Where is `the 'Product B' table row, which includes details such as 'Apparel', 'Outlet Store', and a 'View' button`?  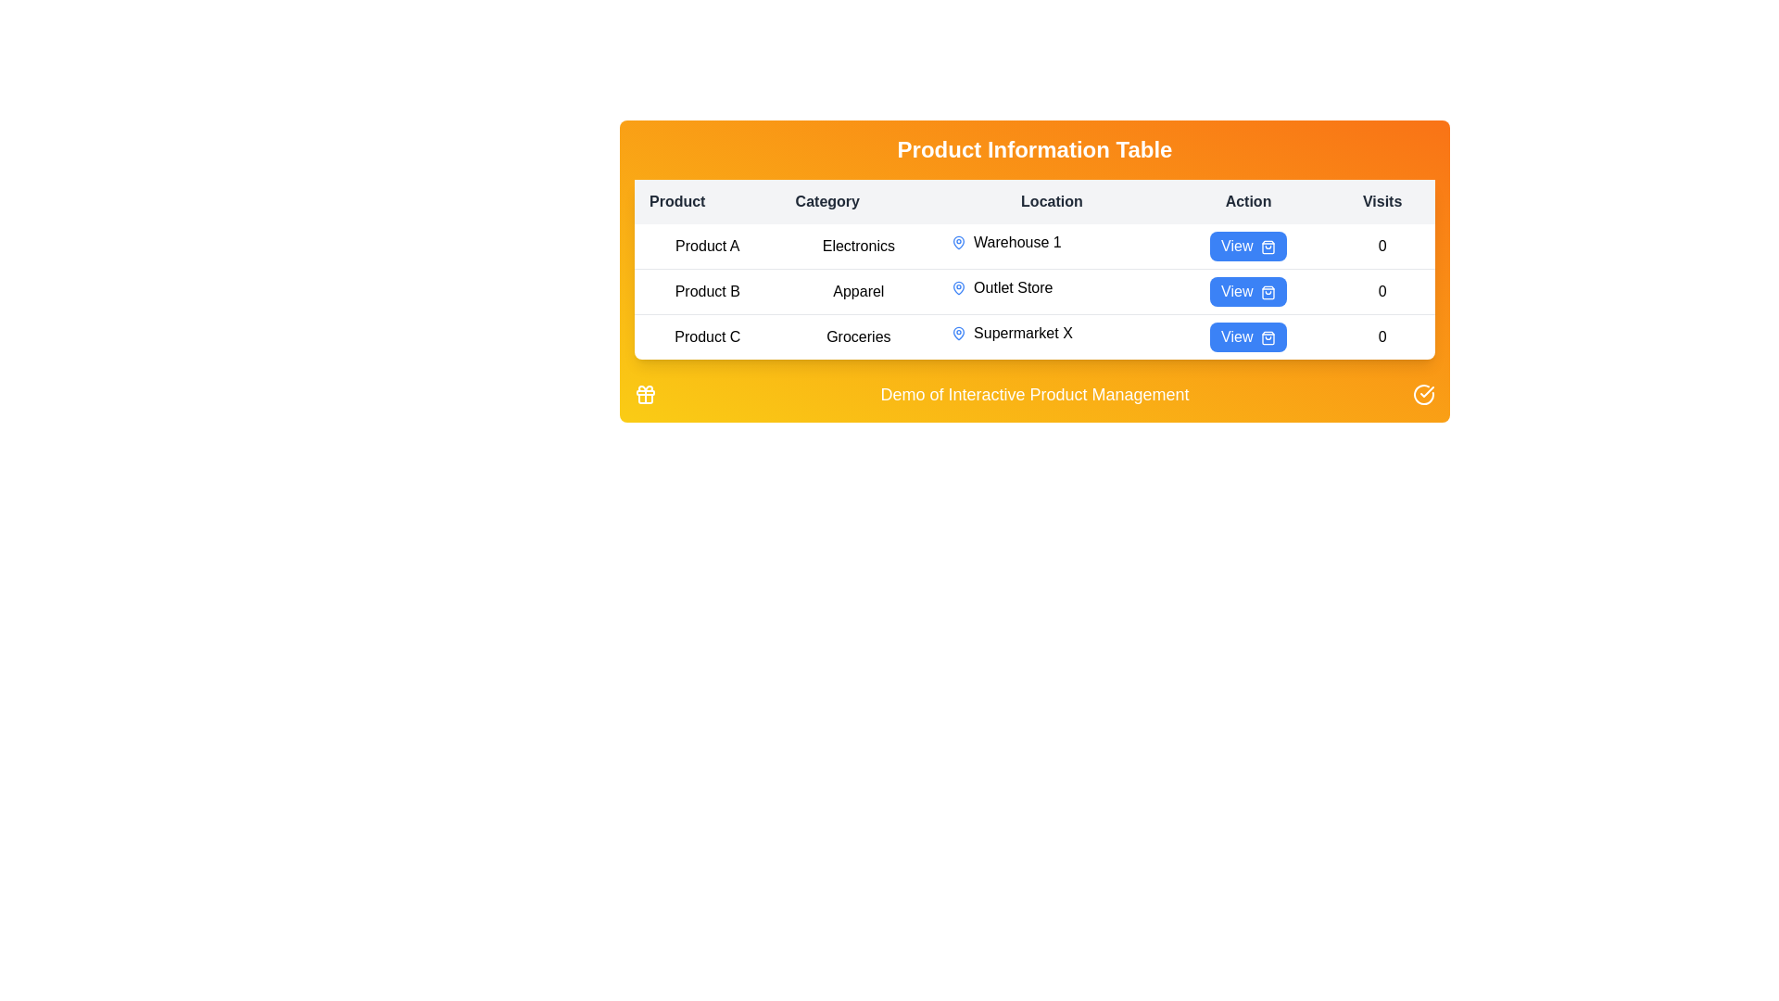
the 'Product B' table row, which includes details such as 'Apparel', 'Outlet Store', and a 'View' button is located at coordinates (1034, 292).